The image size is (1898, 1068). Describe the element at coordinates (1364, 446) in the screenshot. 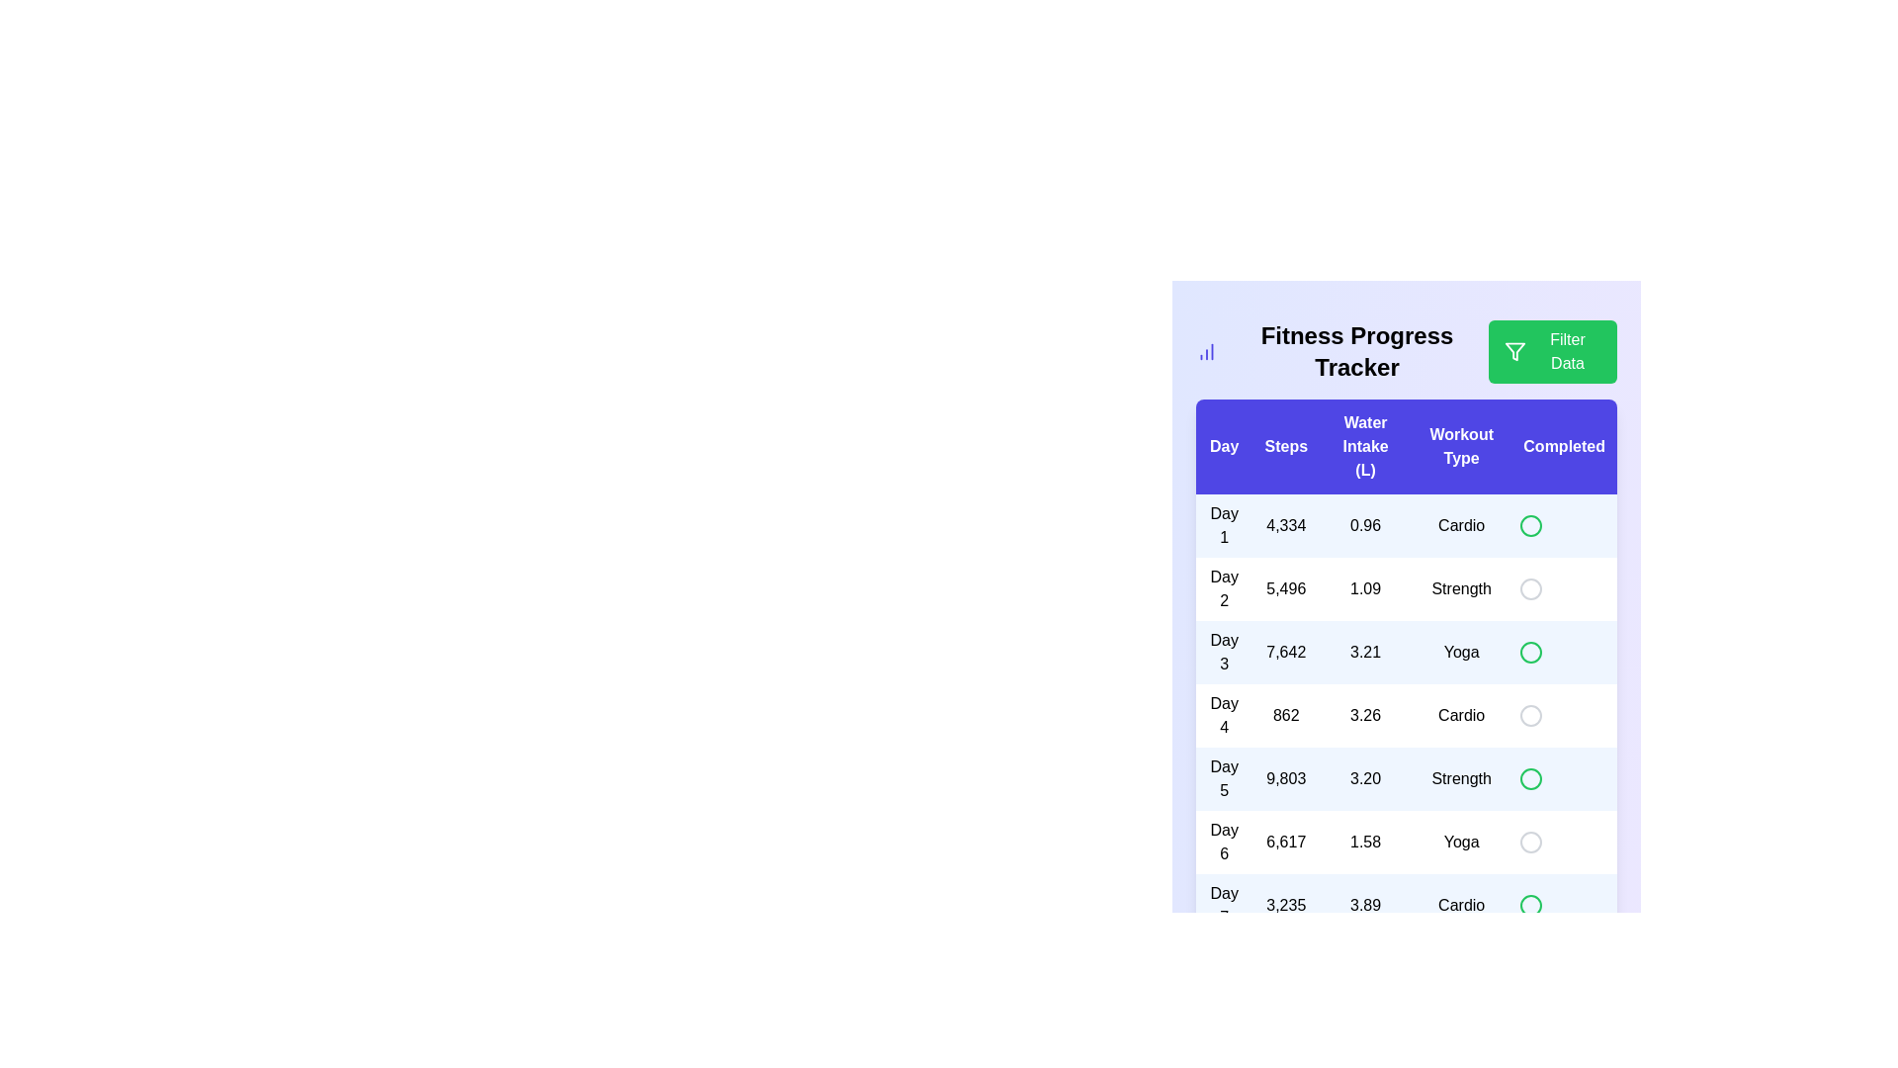

I see `the header of the column 'Water Intake (L)' to sort the table by that column` at that location.